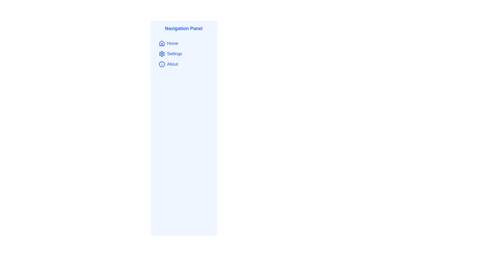 Image resolution: width=499 pixels, height=280 pixels. I want to click on the decorative graphic element associated with the 'About' section in the navigation panel, which is represented as an outermost part of a layered SVG graphic structure, so click(162, 64).